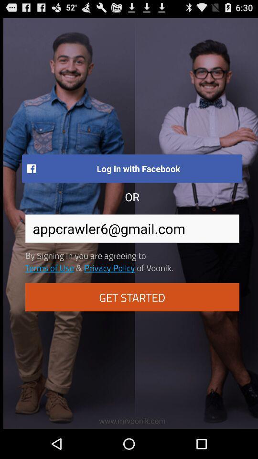 The image size is (258, 459). Describe the element at coordinates (49, 267) in the screenshot. I see `terms of use item` at that location.